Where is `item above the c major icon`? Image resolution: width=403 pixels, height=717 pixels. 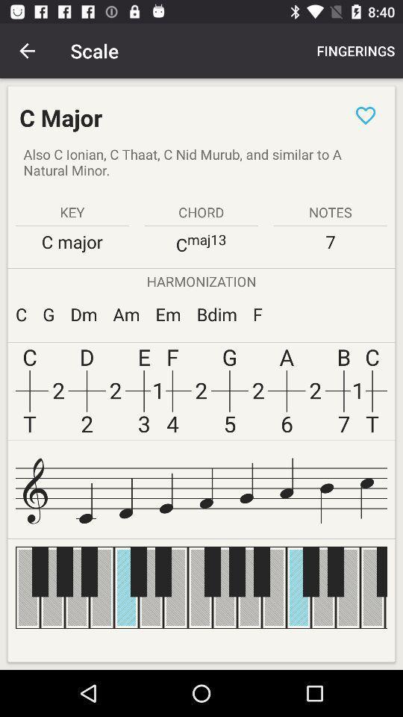
item above the c major icon is located at coordinates (27, 51).